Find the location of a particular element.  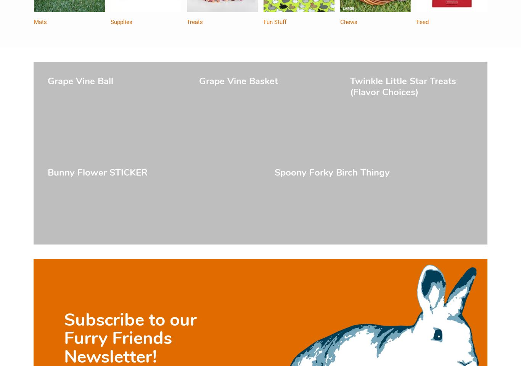

'Chews' is located at coordinates (348, 22).